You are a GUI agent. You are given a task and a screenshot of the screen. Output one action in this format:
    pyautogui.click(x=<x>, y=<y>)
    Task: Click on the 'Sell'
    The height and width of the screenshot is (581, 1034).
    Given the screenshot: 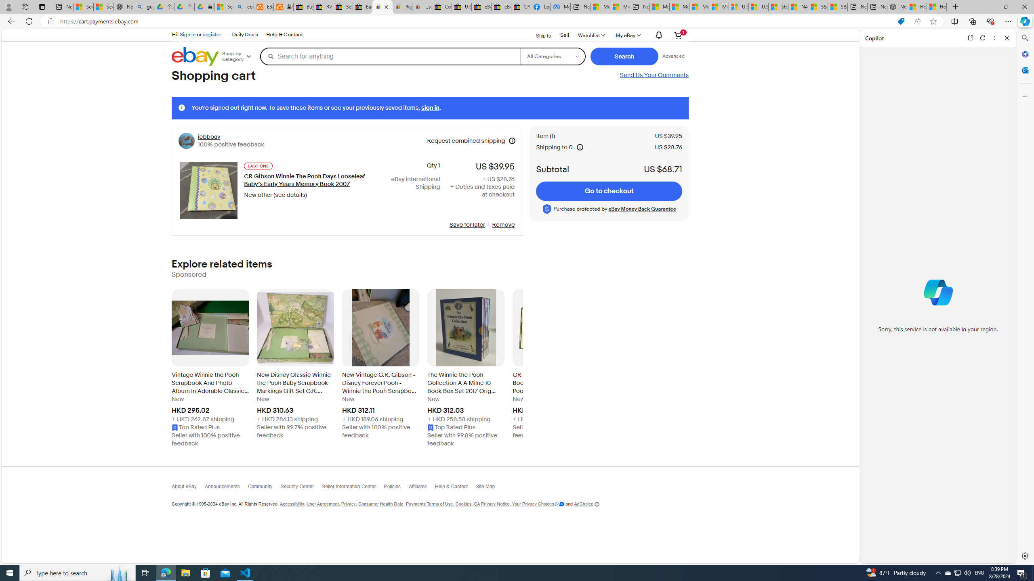 What is the action you would take?
    pyautogui.click(x=564, y=34)
    